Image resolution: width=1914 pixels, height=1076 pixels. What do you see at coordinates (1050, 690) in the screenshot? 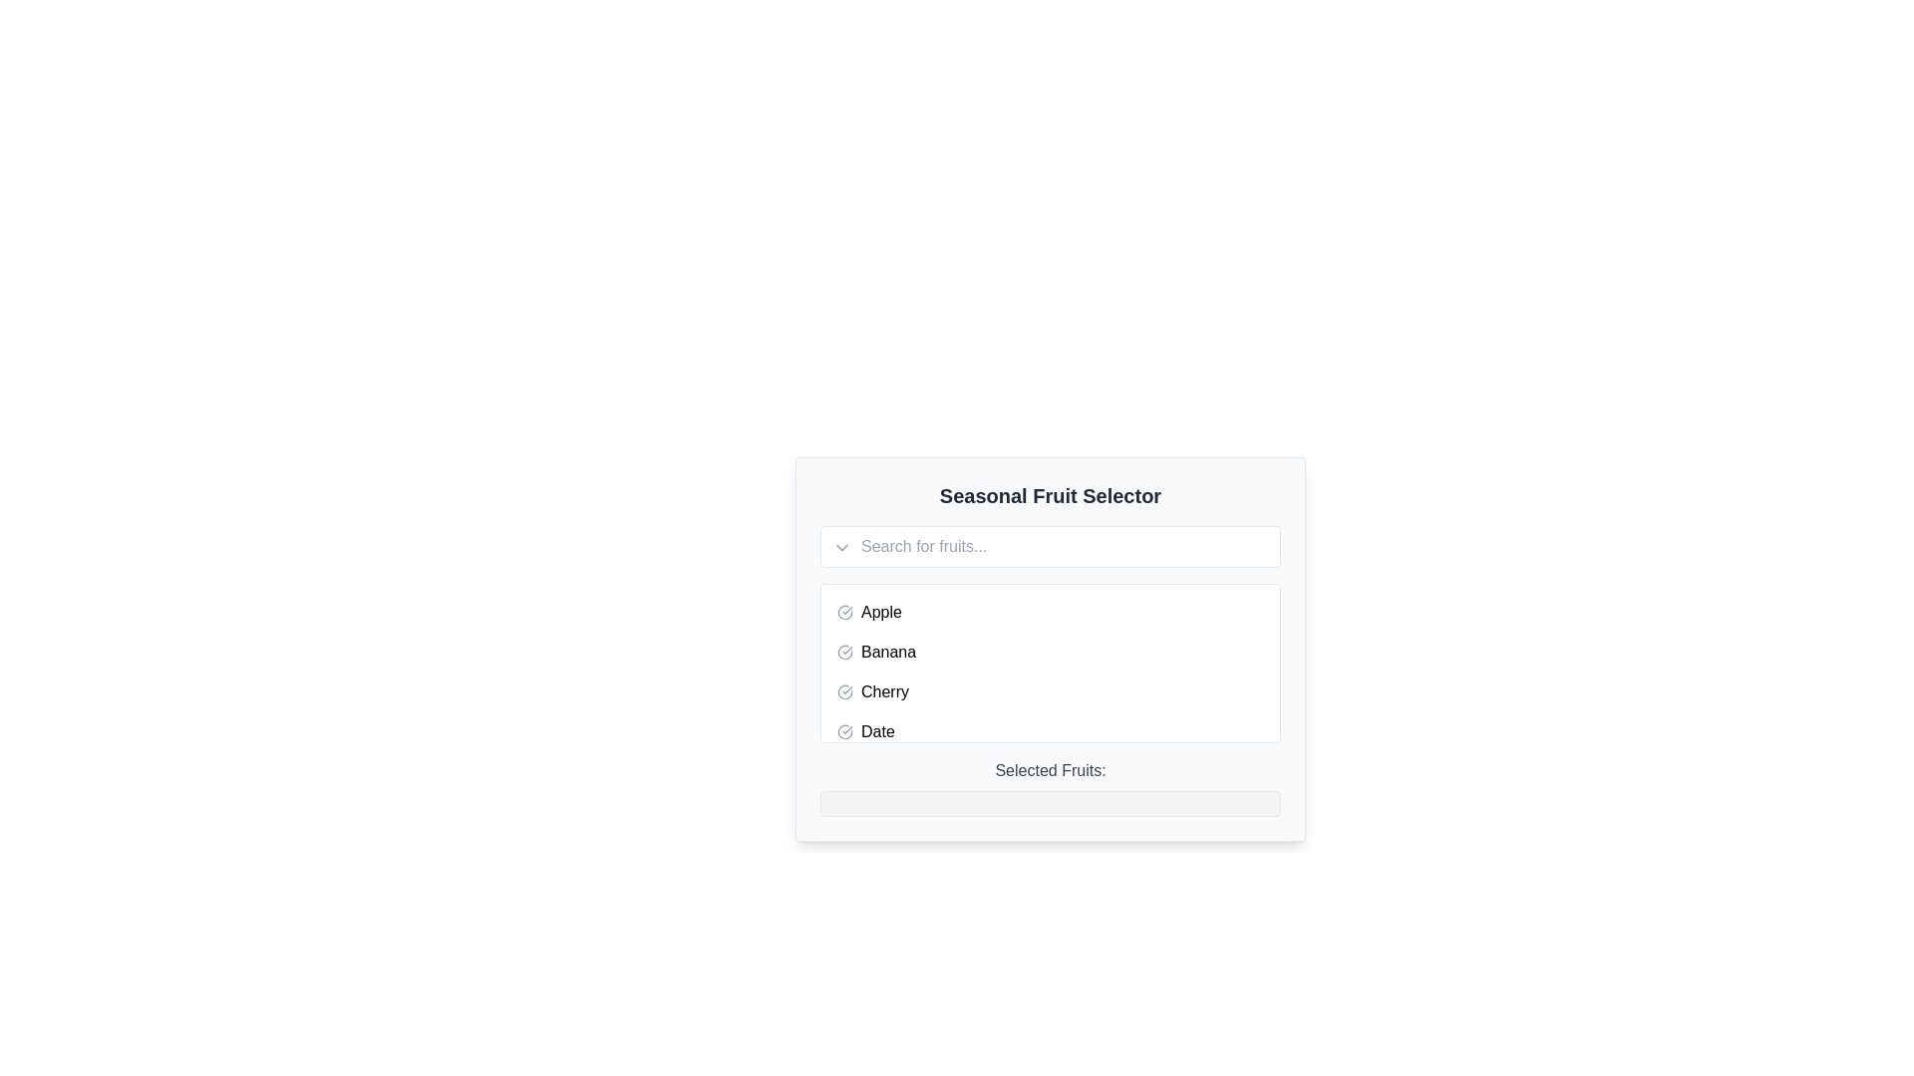
I see `the third selectable fruit option in the dropdown list, which is positioned between 'Banana' and 'Date'` at bounding box center [1050, 690].